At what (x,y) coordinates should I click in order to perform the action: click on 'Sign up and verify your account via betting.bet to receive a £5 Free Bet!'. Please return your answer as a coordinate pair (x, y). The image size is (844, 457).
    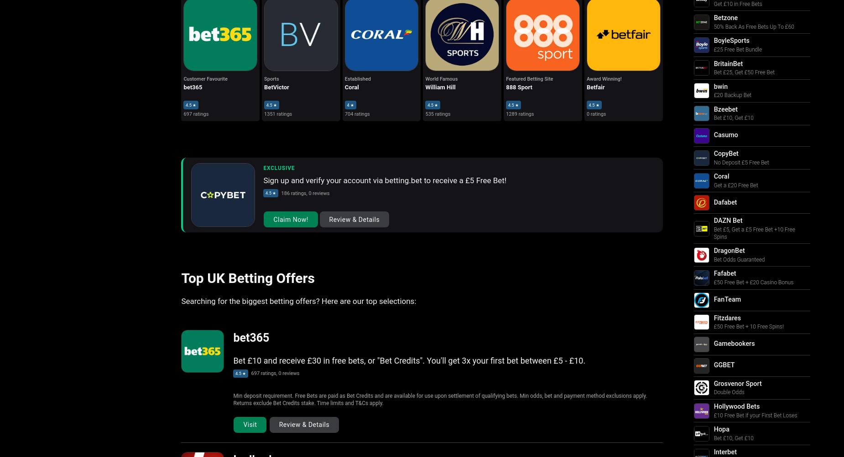
    Looking at the image, I should click on (385, 180).